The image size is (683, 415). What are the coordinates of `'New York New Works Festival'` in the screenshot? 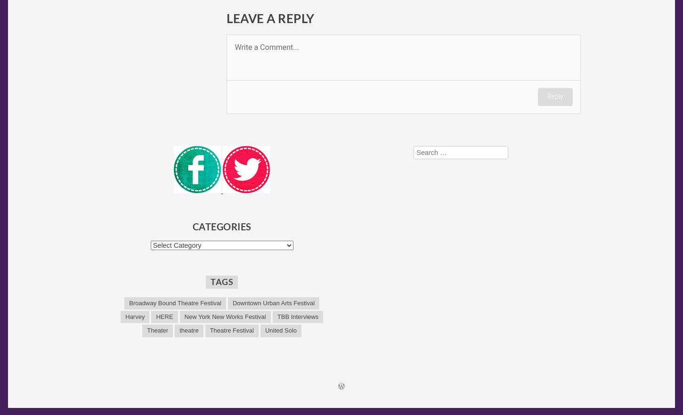 It's located at (224, 317).